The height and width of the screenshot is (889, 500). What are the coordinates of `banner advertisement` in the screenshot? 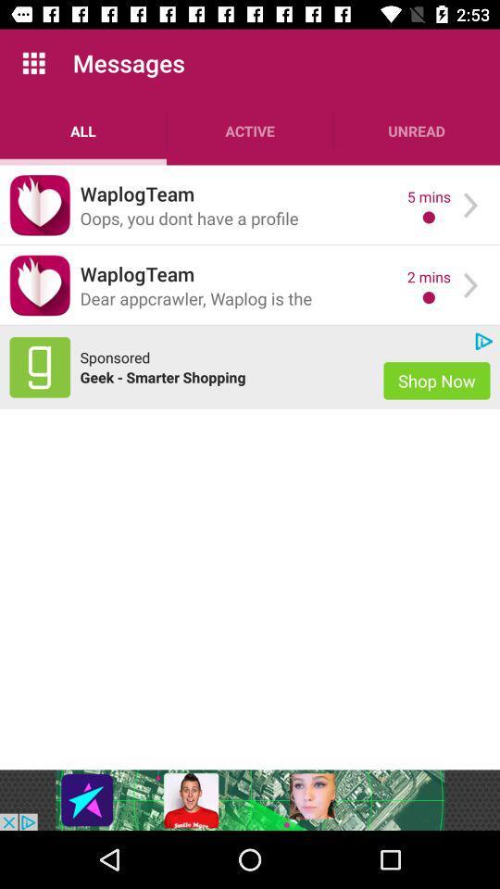 It's located at (250, 799).